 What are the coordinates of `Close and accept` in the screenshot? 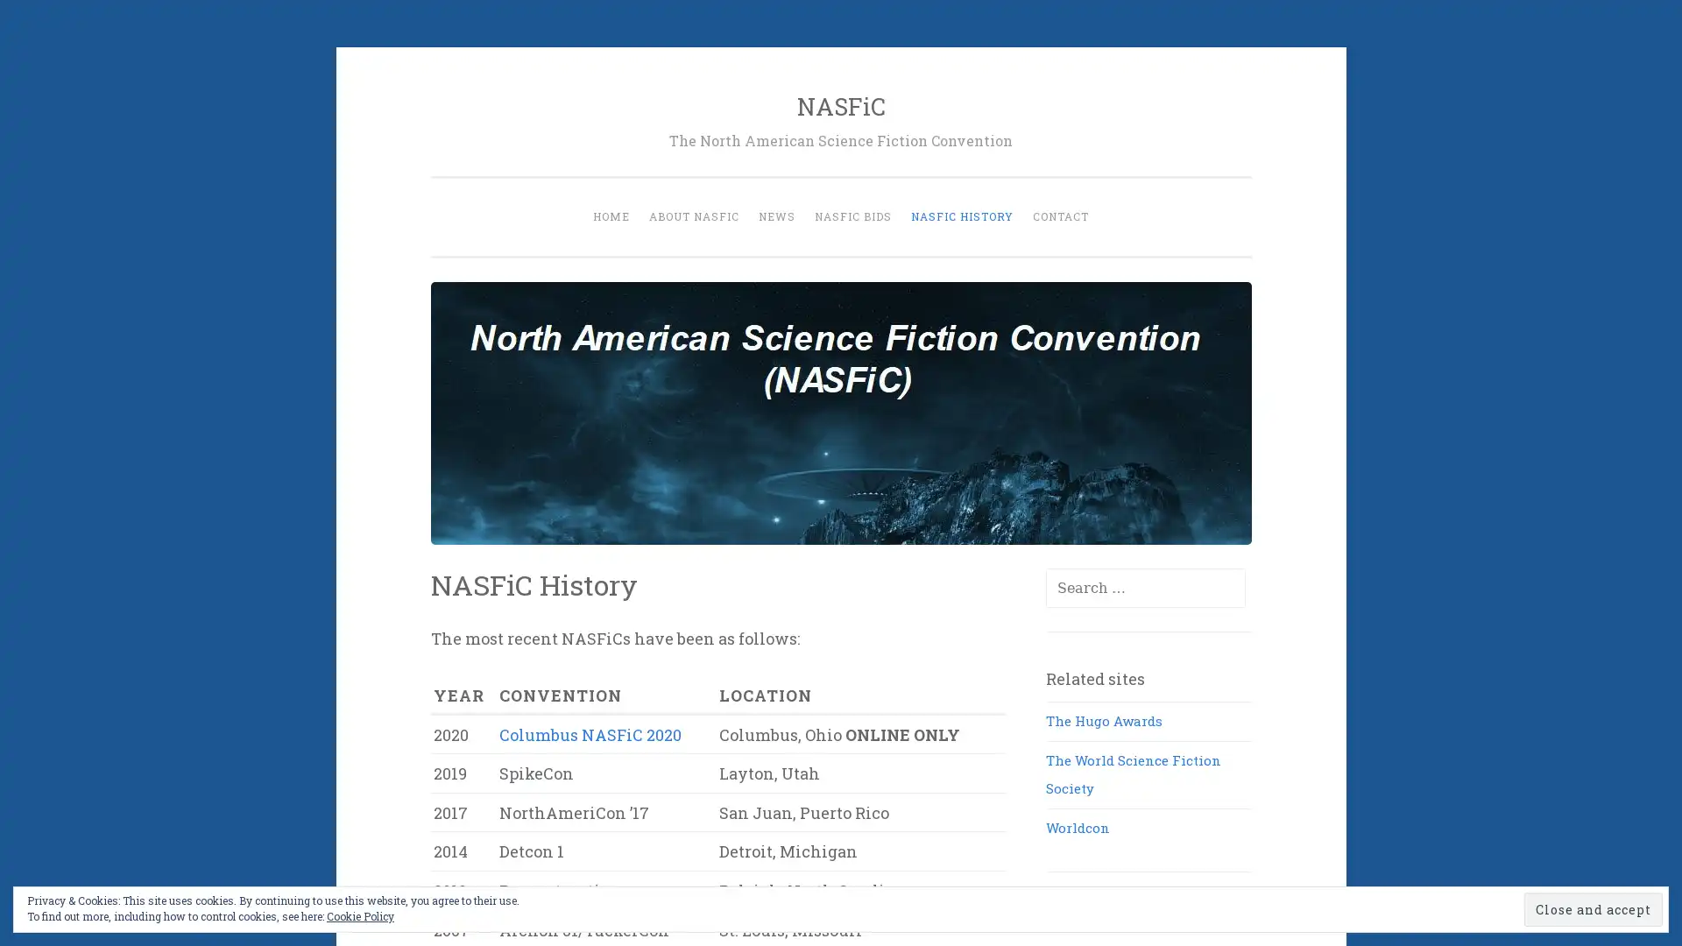 It's located at (1594, 908).